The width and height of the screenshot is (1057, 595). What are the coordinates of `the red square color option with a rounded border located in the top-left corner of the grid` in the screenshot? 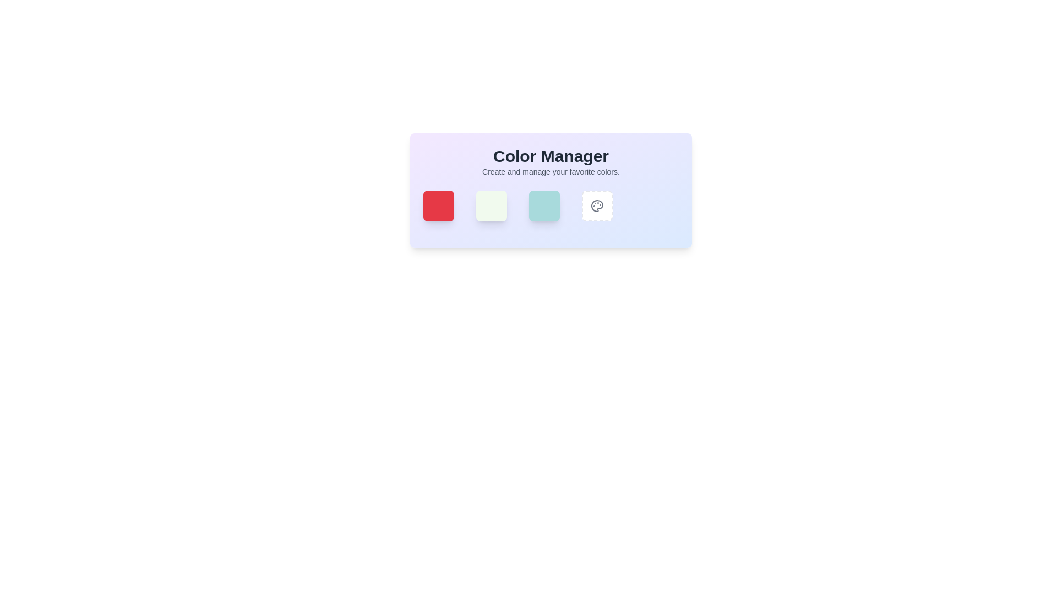 It's located at (438, 206).